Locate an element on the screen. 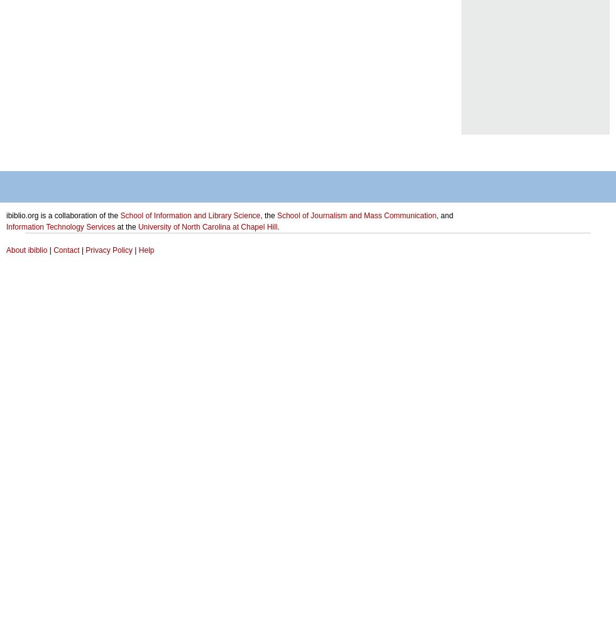 The height and width of the screenshot is (629, 616). ', the' is located at coordinates (268, 215).